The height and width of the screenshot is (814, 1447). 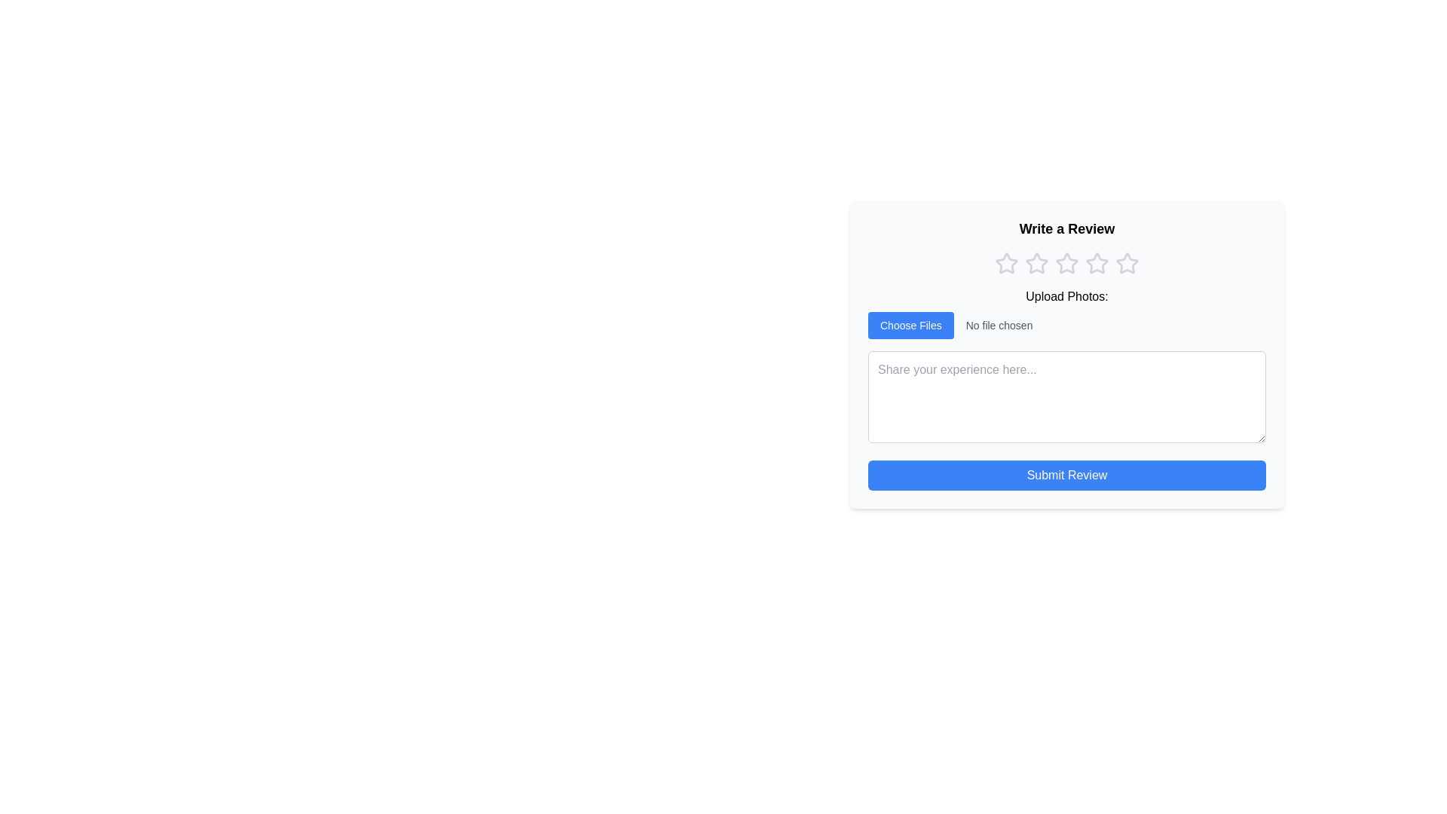 I want to click on the second star icon in the 'Write a Review' section, so click(x=1036, y=263).